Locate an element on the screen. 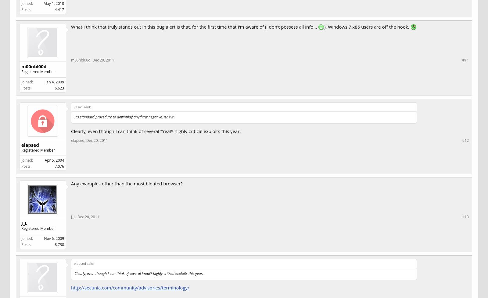 The image size is (488, 298). 'Nov 6, 2009' is located at coordinates (53, 238).